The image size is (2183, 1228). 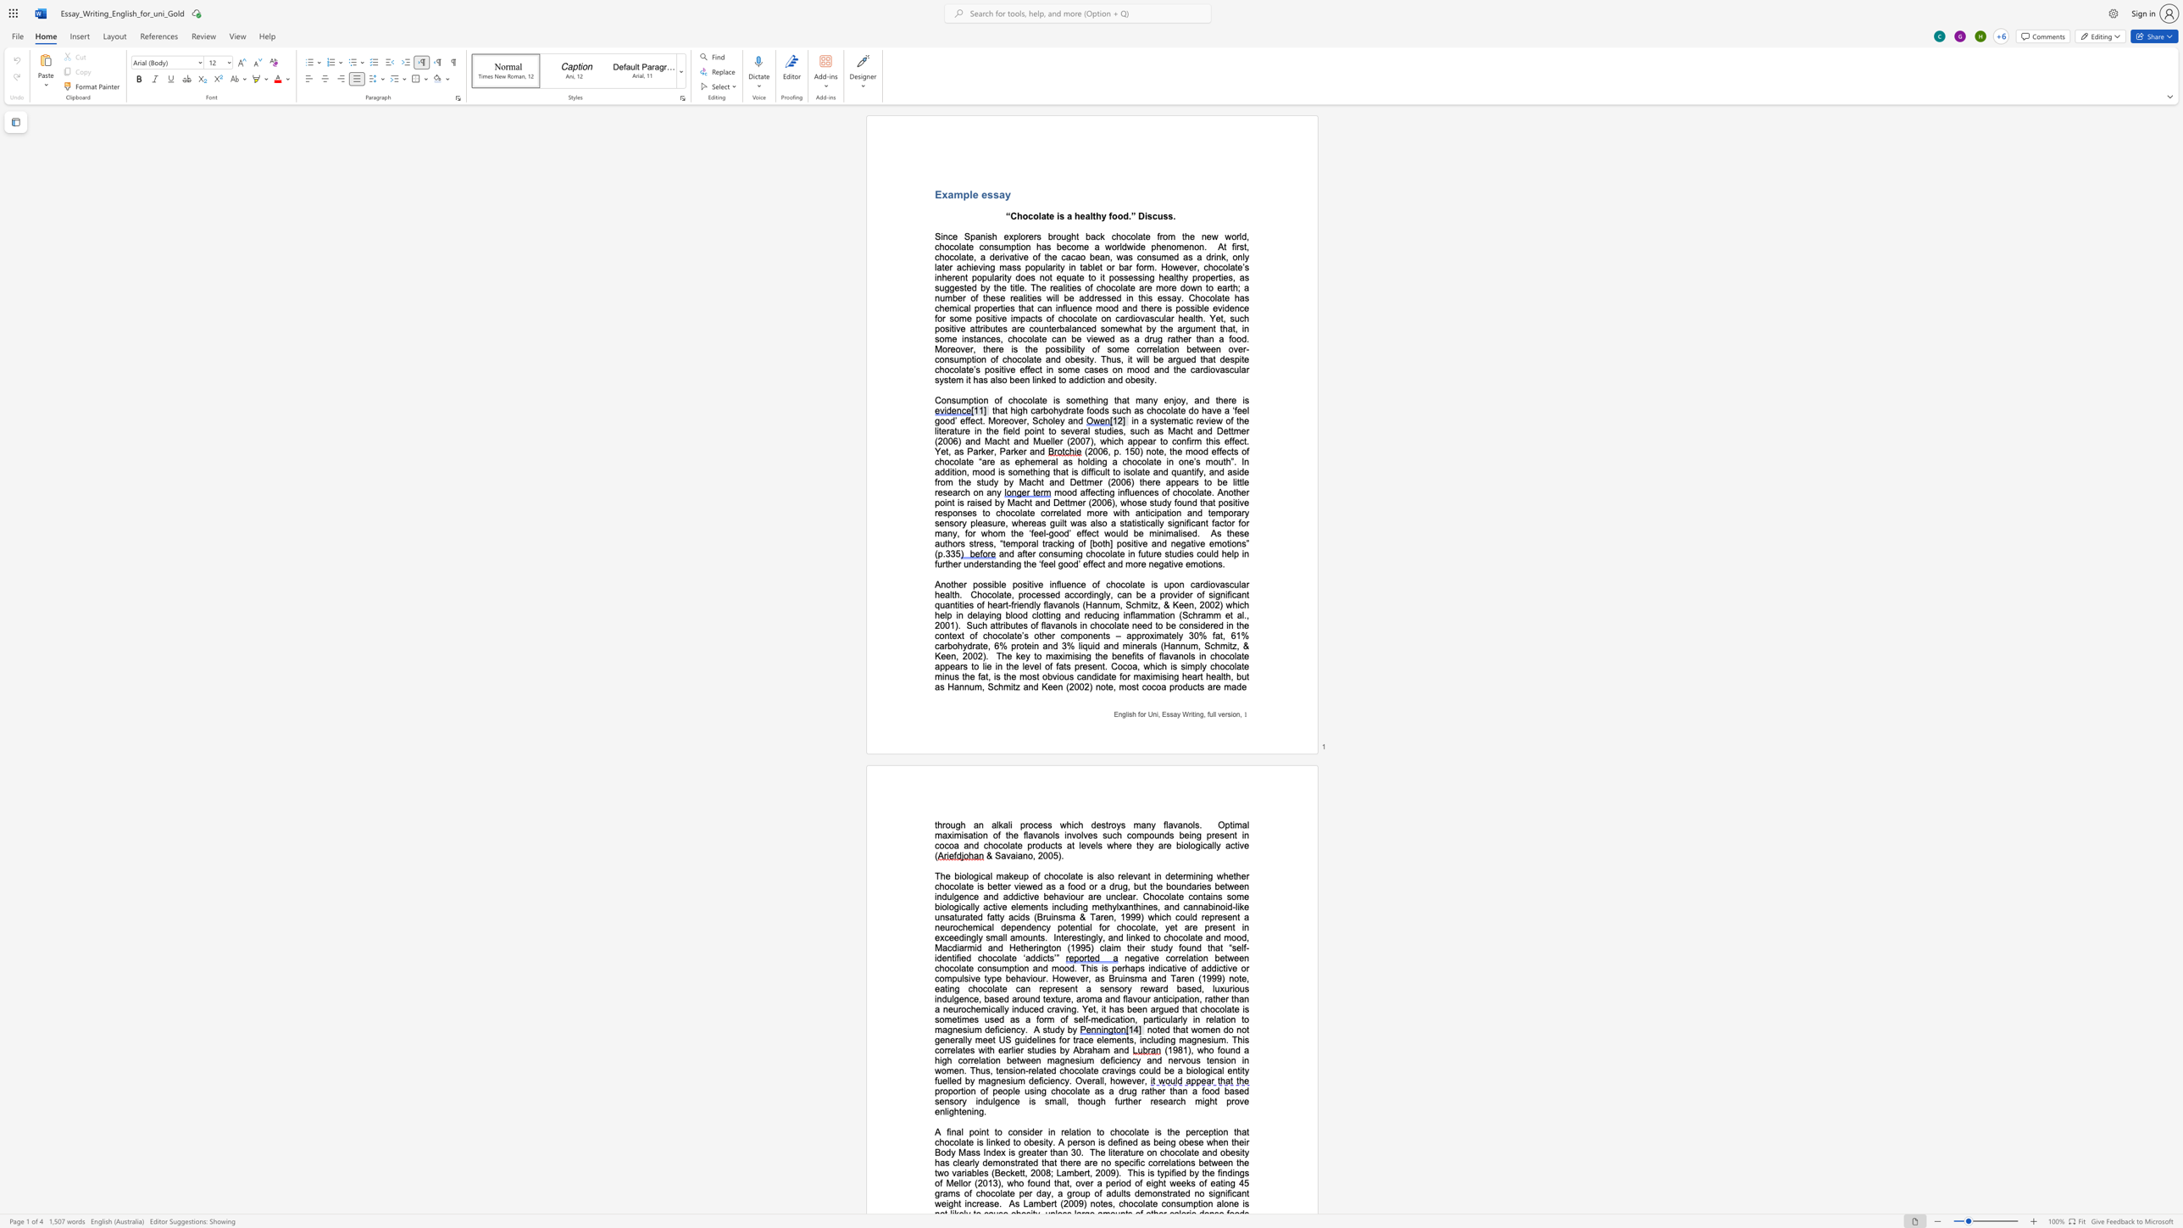 What do you see at coordinates (1054, 1030) in the screenshot?
I see `the space between the continuous character "u" and "d" in the text` at bounding box center [1054, 1030].